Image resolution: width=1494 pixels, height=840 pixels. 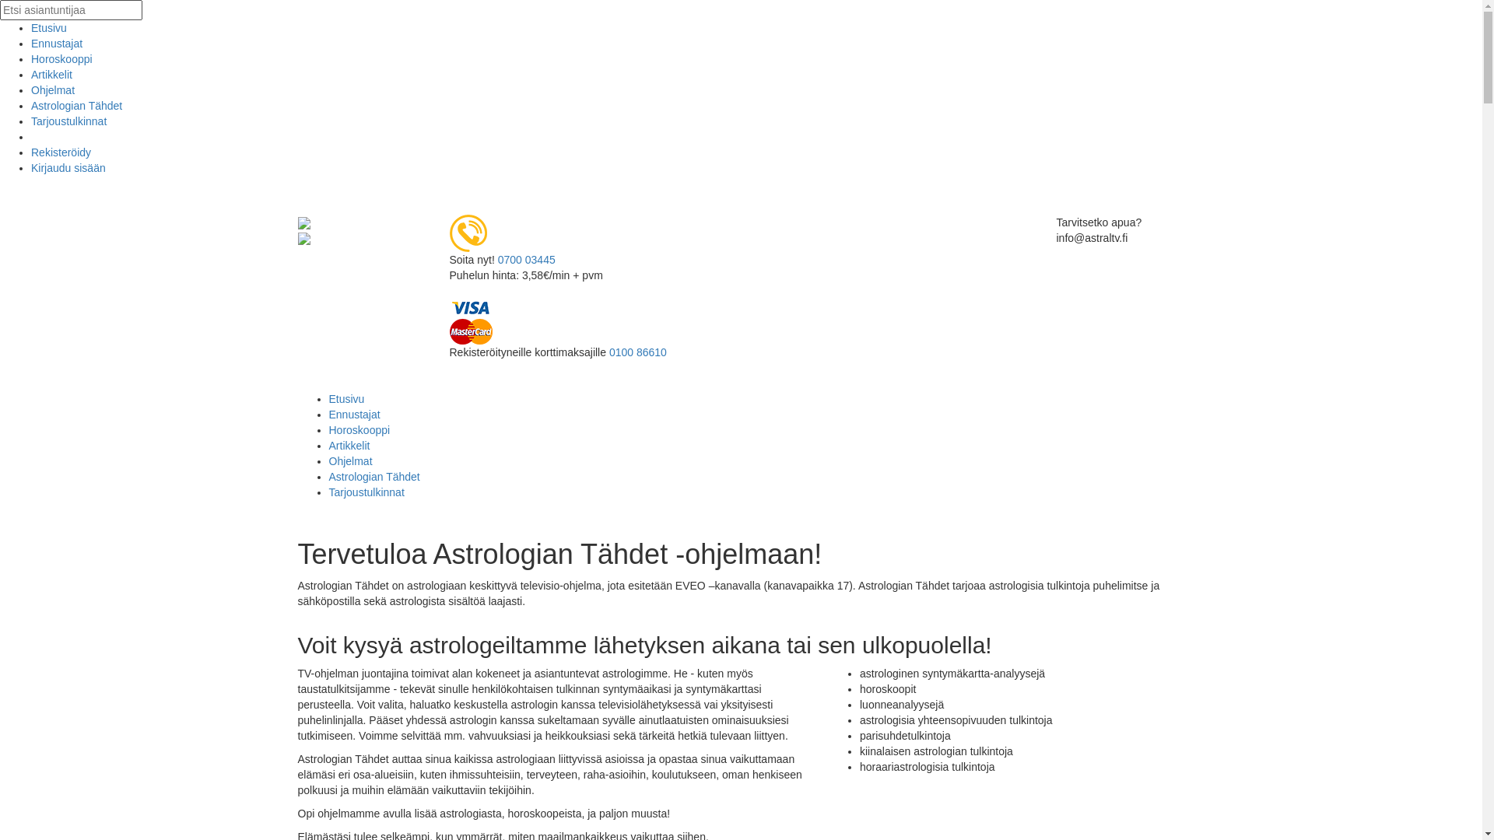 What do you see at coordinates (61, 58) in the screenshot?
I see `'Horoskooppi'` at bounding box center [61, 58].